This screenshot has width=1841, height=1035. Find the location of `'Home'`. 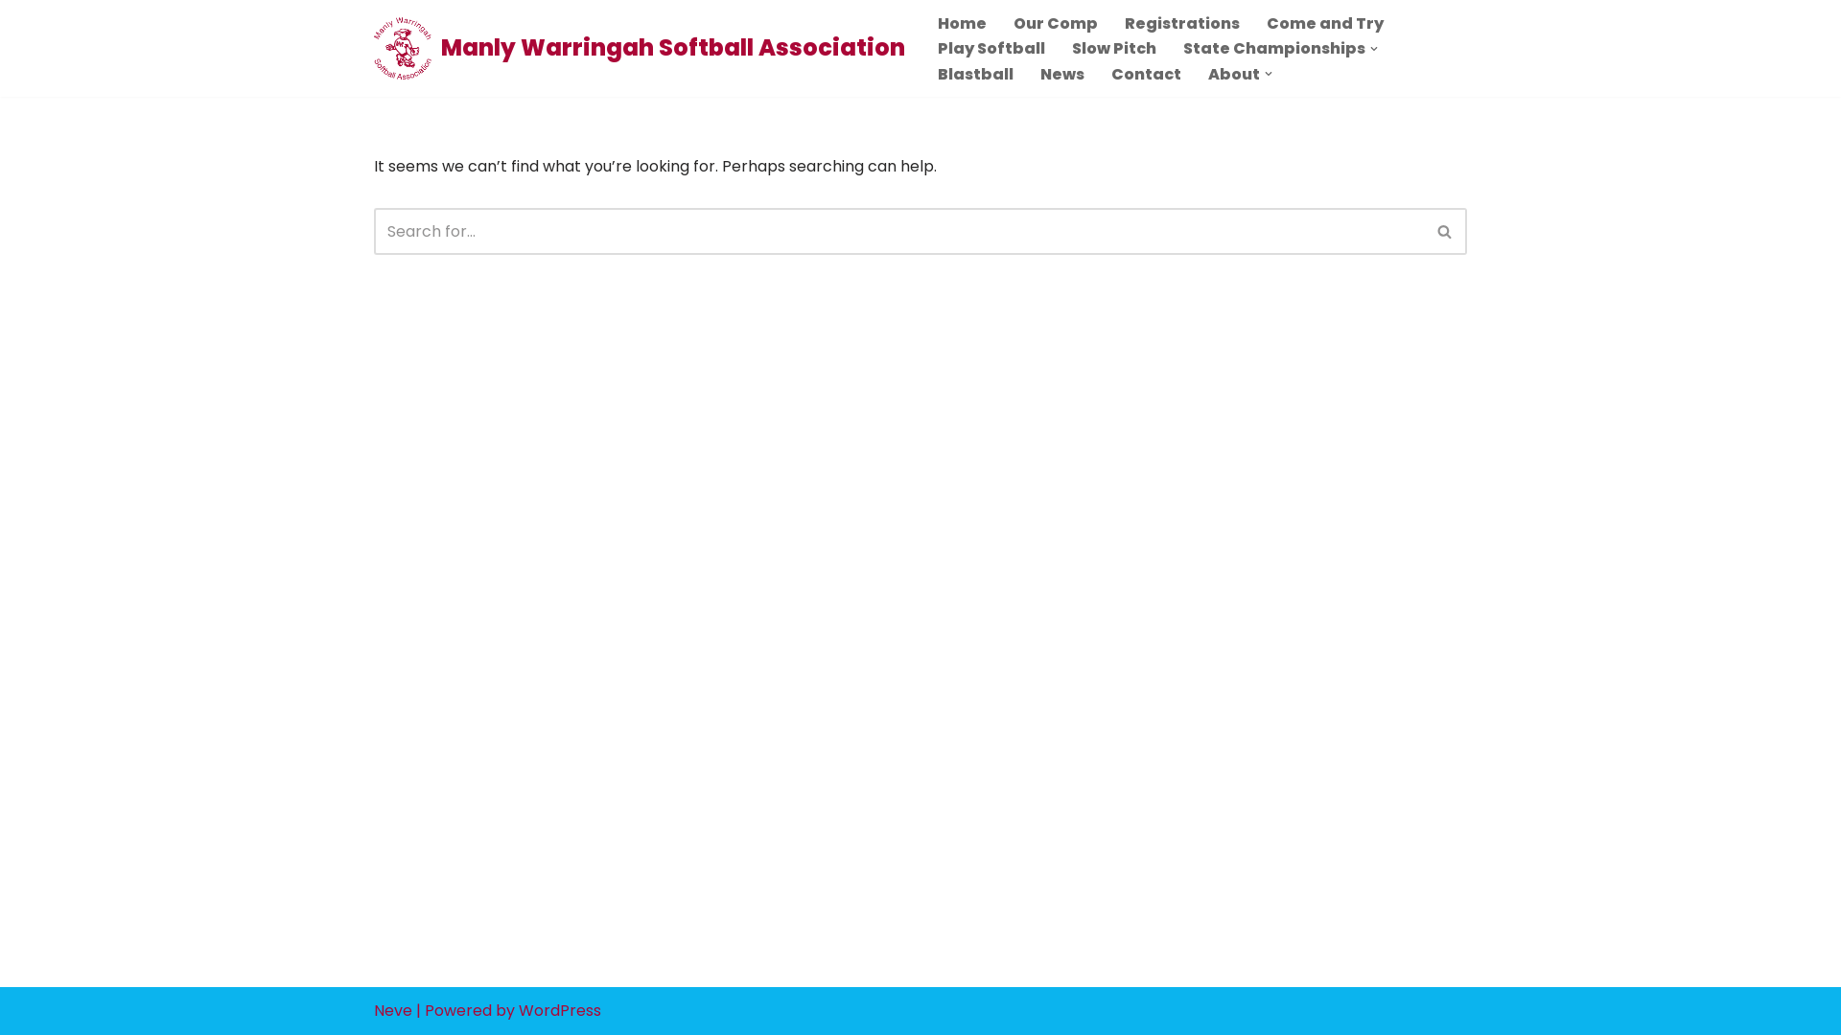

'Home' is located at coordinates (962, 23).